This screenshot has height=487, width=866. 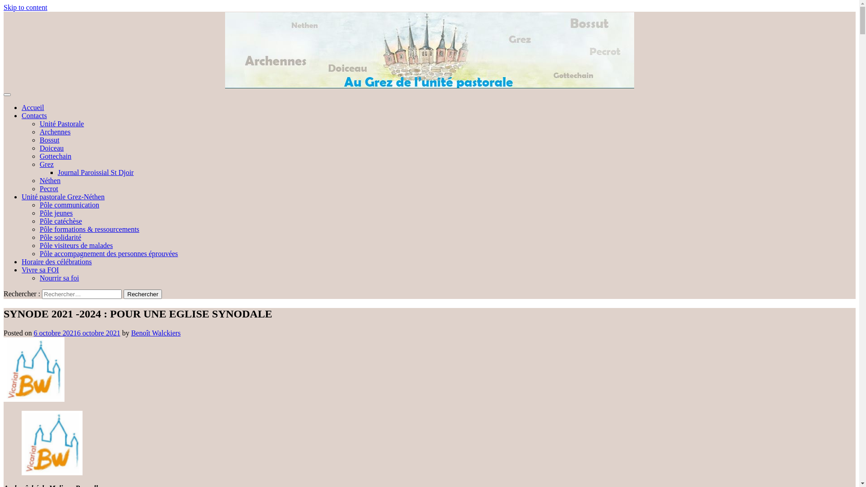 I want to click on 'Gottechain', so click(x=55, y=156).